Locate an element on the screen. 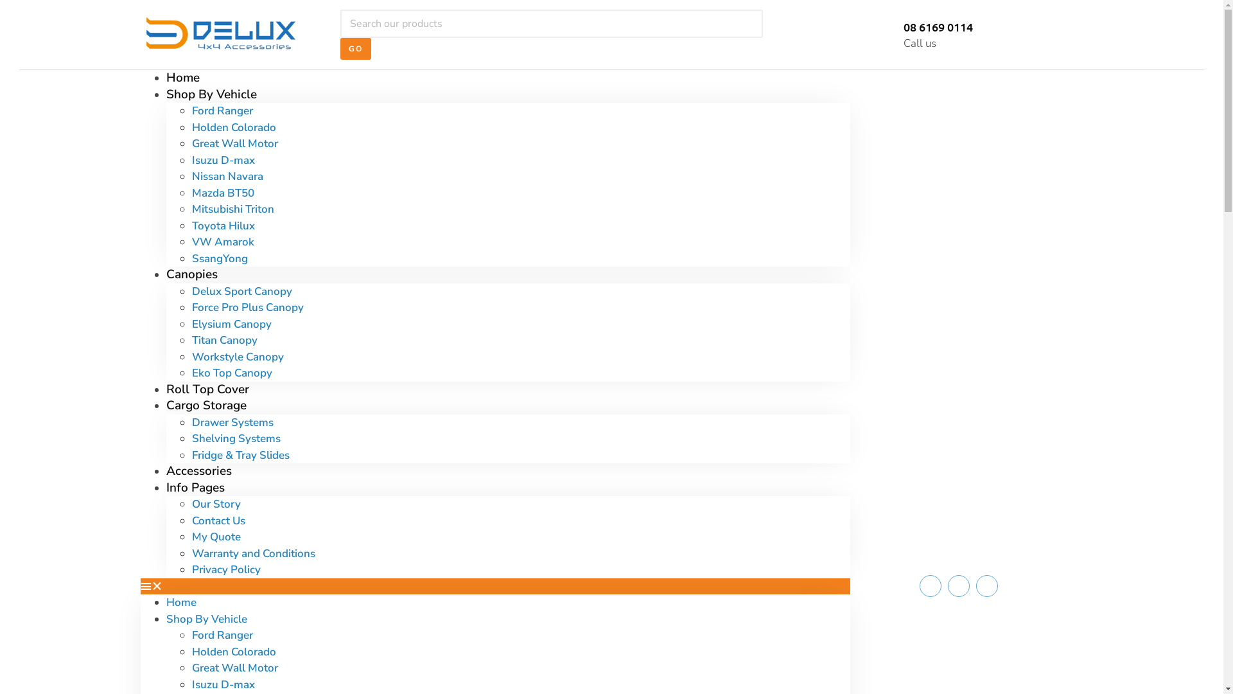  'Shelving Systems' is located at coordinates (235, 438).